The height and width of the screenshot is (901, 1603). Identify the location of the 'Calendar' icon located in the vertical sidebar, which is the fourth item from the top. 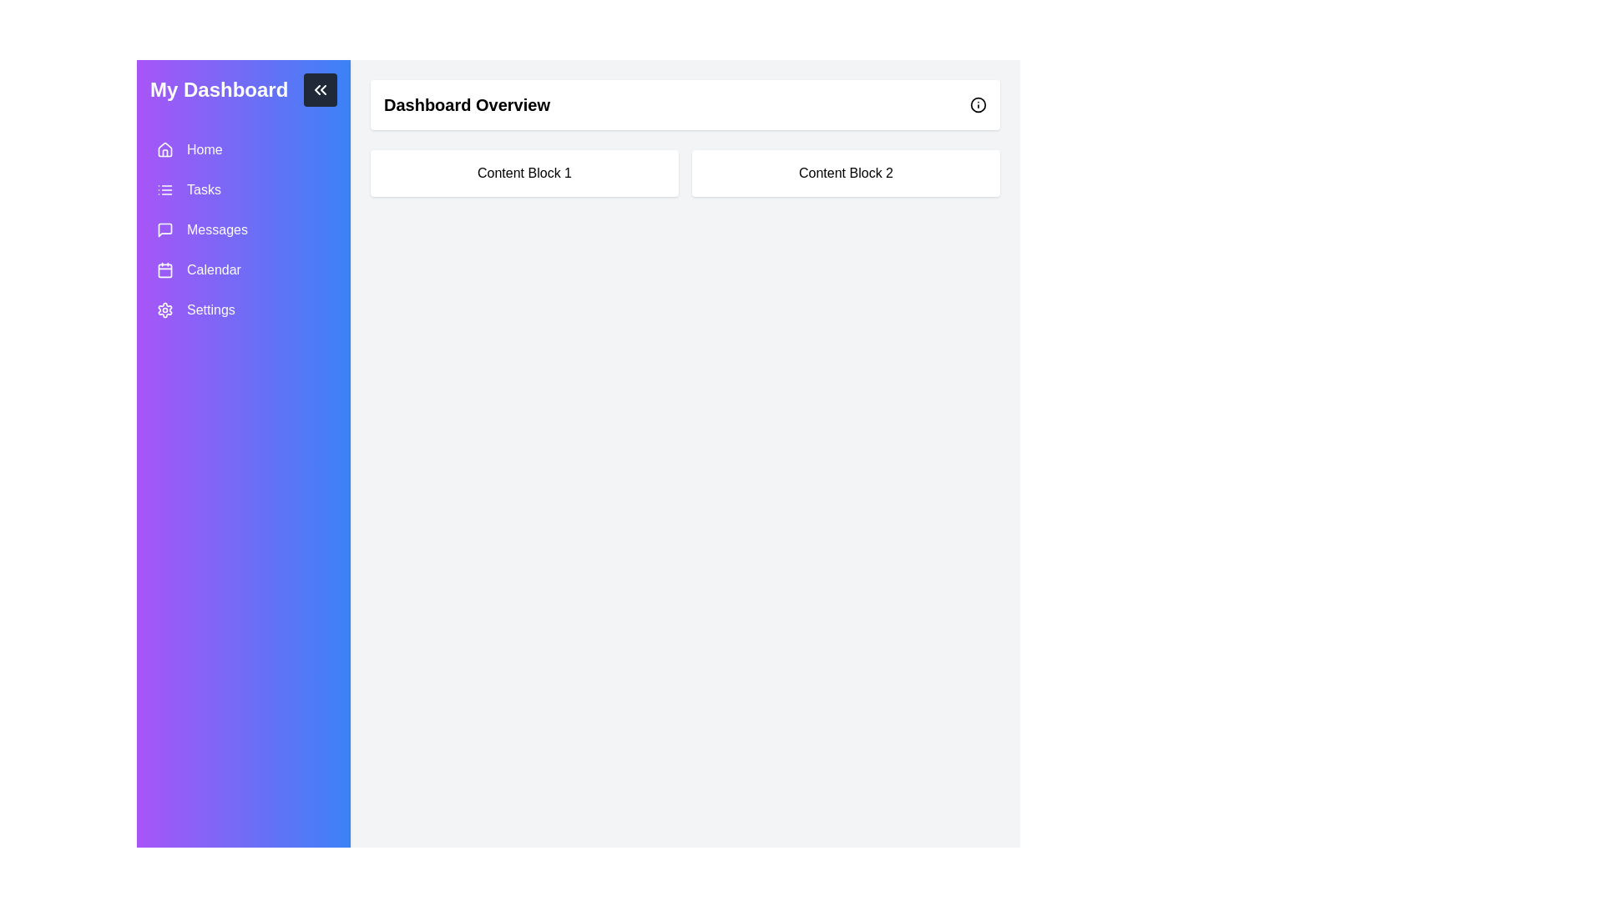
(164, 269).